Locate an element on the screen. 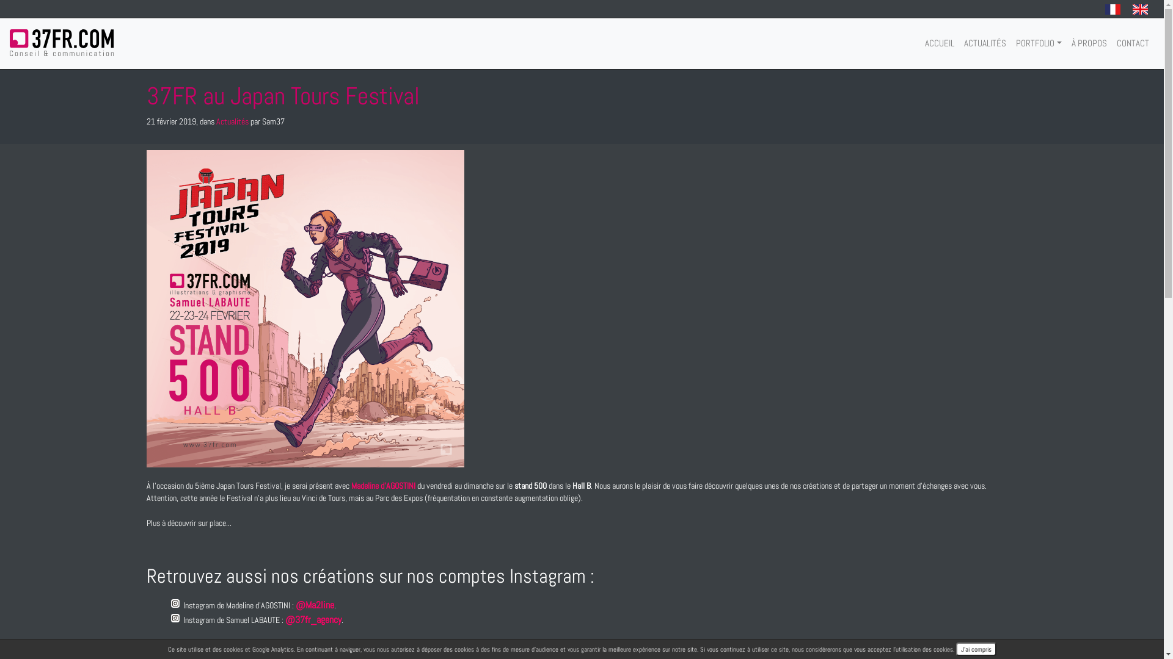 The height and width of the screenshot is (659, 1173). 'FR' is located at coordinates (1113, 9).